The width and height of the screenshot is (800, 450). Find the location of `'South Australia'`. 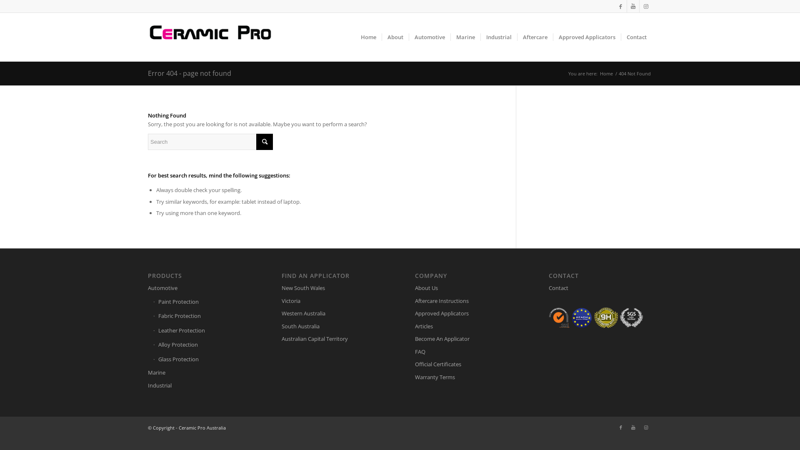

'South Australia' is located at coordinates (333, 326).